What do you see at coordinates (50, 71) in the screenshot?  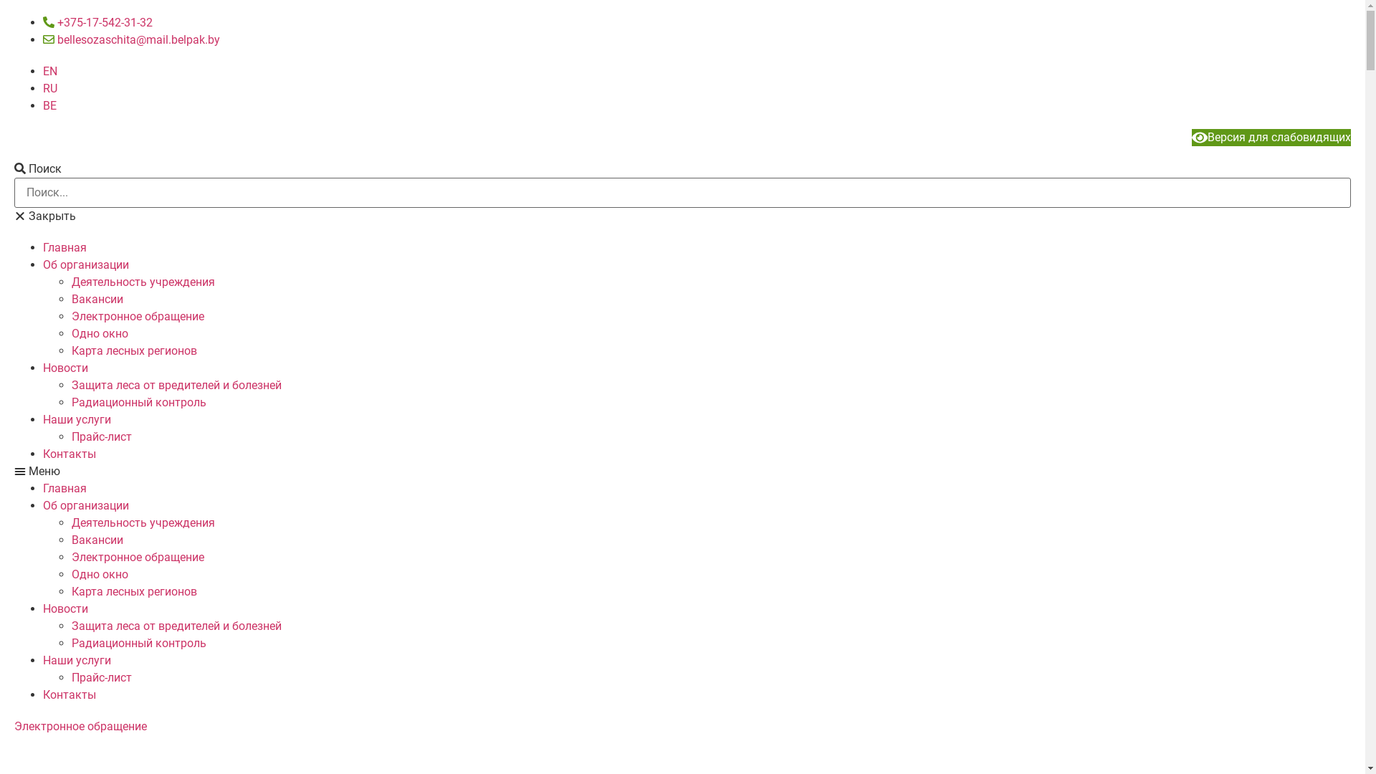 I see `'EN'` at bounding box center [50, 71].